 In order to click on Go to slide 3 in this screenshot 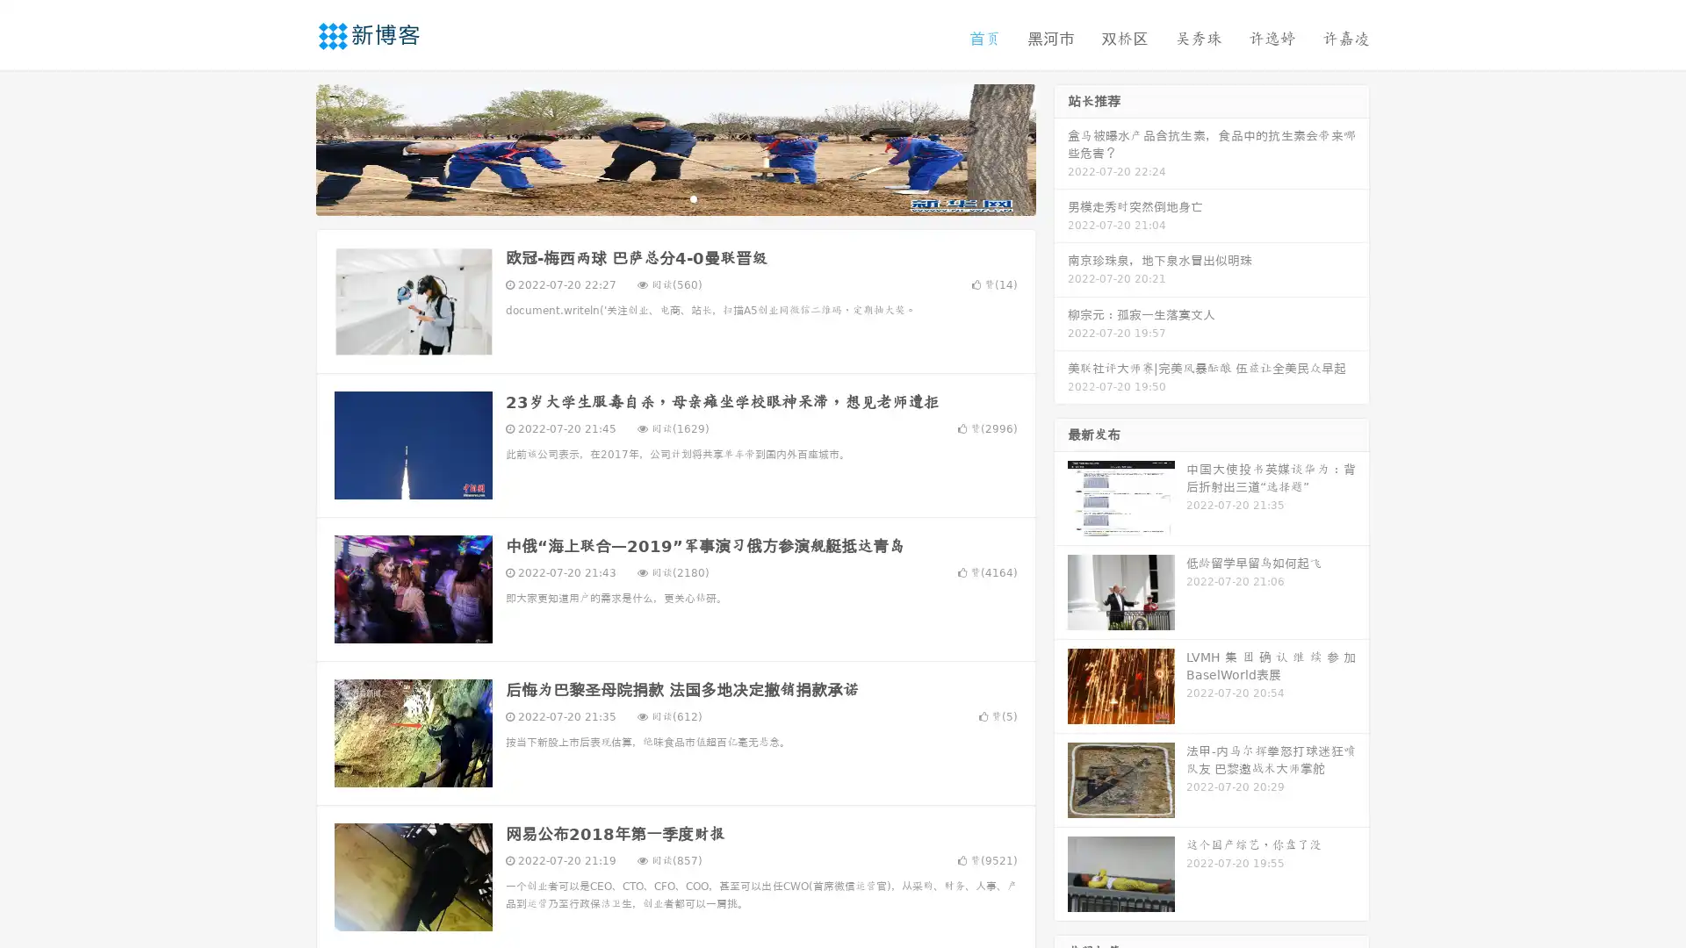, I will do `click(693, 197)`.